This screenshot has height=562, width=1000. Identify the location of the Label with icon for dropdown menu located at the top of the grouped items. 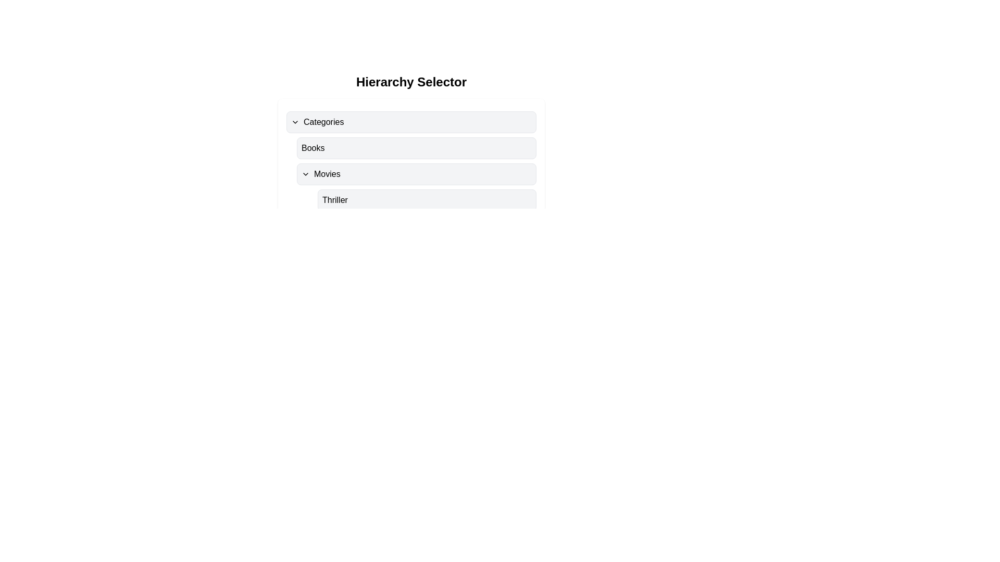
(317, 122).